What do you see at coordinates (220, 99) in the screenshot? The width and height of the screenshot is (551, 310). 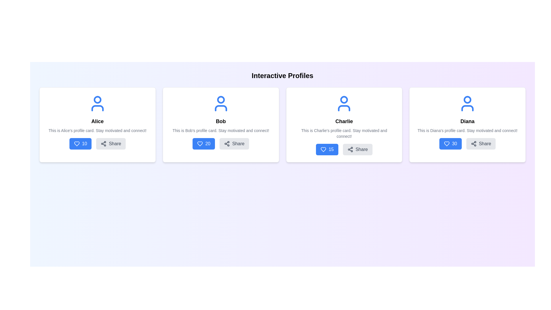 I see `the circular graphical element that represents the head or face of the user icon for Bob in the profile card` at bounding box center [220, 99].